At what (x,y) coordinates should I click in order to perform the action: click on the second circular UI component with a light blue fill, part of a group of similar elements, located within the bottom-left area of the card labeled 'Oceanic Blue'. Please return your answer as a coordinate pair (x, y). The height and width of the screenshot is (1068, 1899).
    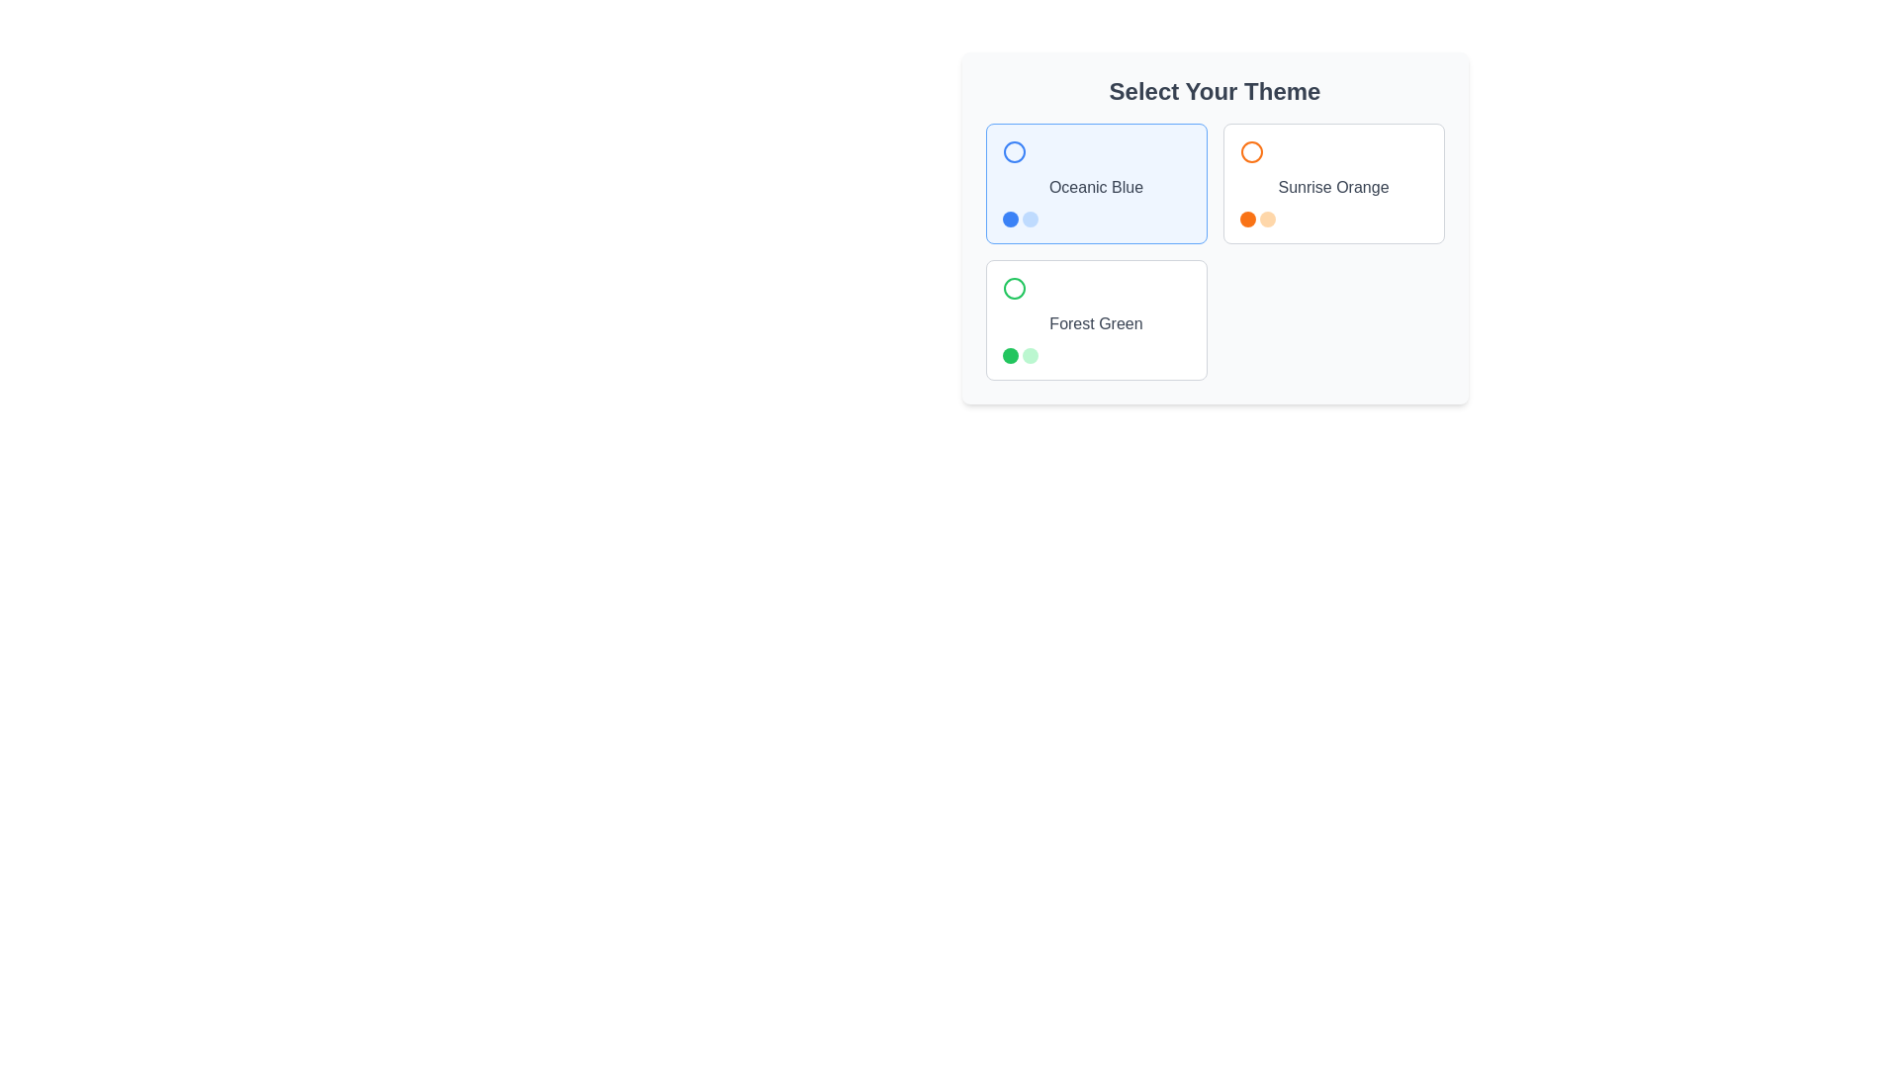
    Looking at the image, I should click on (1029, 220).